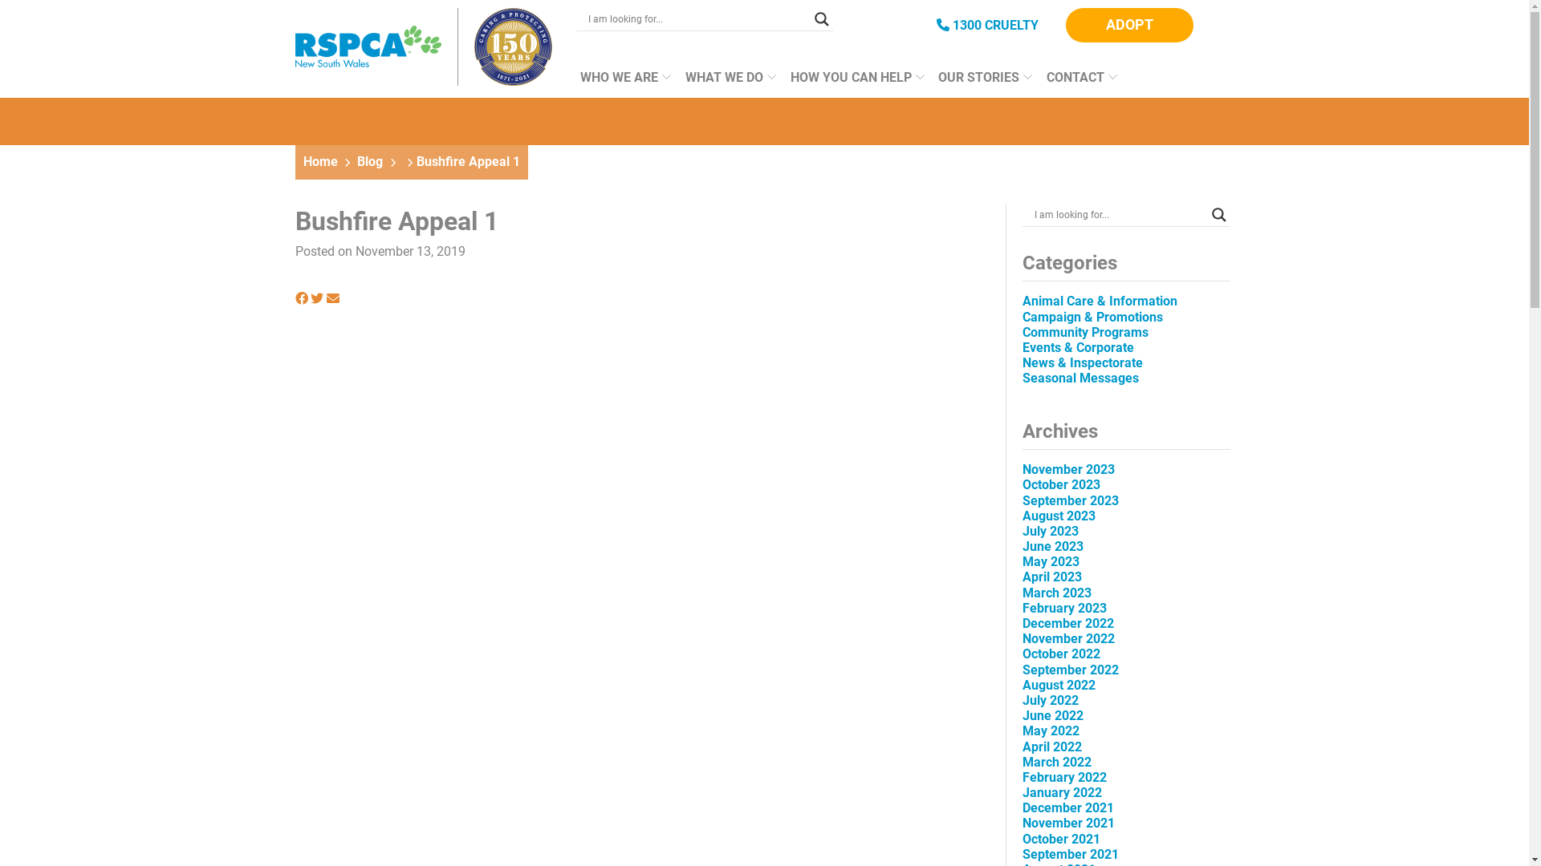 The image size is (1541, 866). I want to click on 'OUR STORIES', so click(980, 83).